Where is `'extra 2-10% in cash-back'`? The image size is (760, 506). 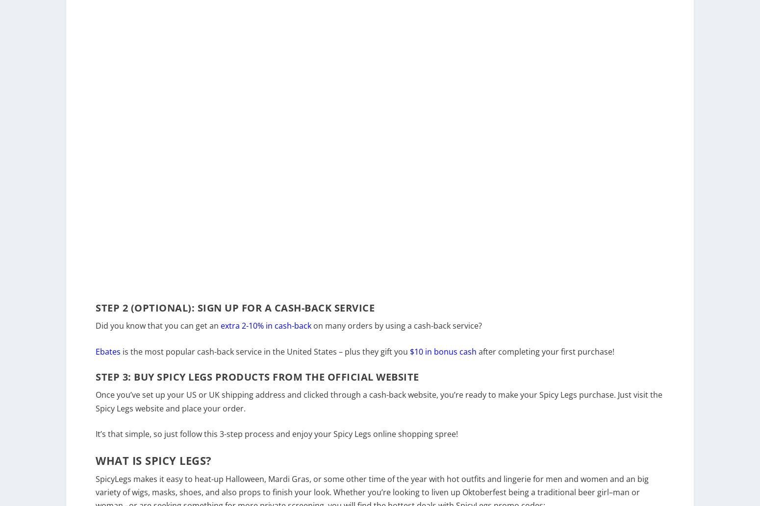 'extra 2-10% in cash-back' is located at coordinates (265, 331).